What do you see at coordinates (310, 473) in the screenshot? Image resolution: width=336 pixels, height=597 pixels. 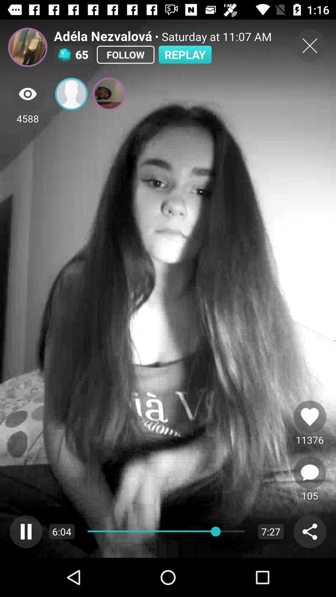 I see `commant` at bounding box center [310, 473].